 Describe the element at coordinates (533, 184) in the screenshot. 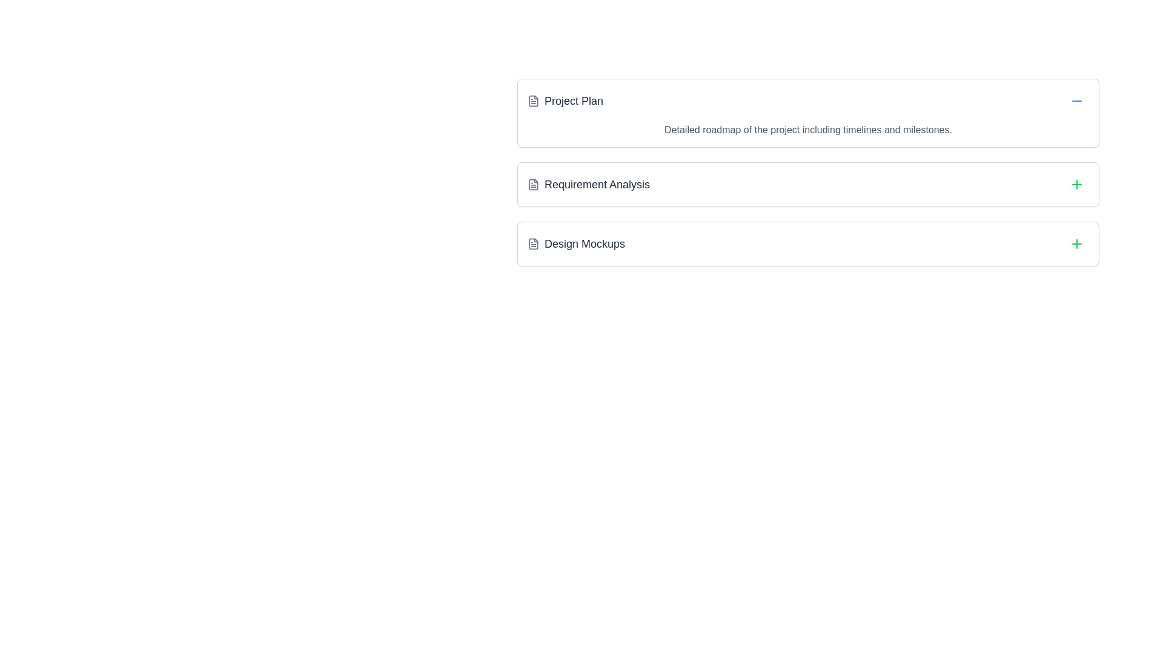

I see `the icon representing the file or document associated with the 'Requirement Analysis' section` at that location.